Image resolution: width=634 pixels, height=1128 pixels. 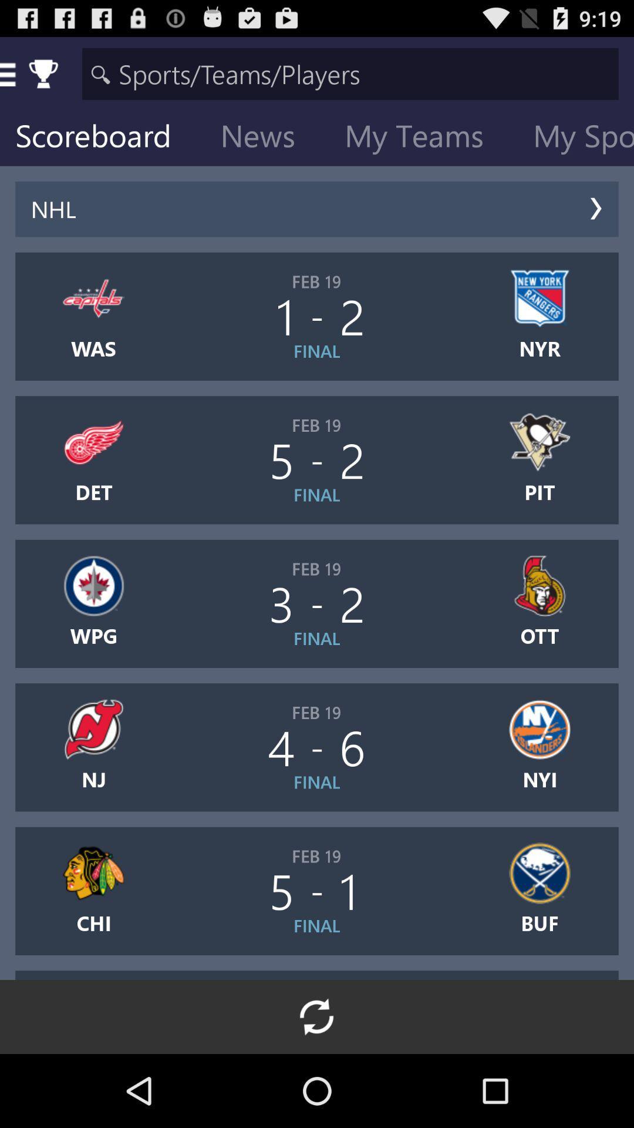 I want to click on item to the right of the news item, so click(x=423, y=138).